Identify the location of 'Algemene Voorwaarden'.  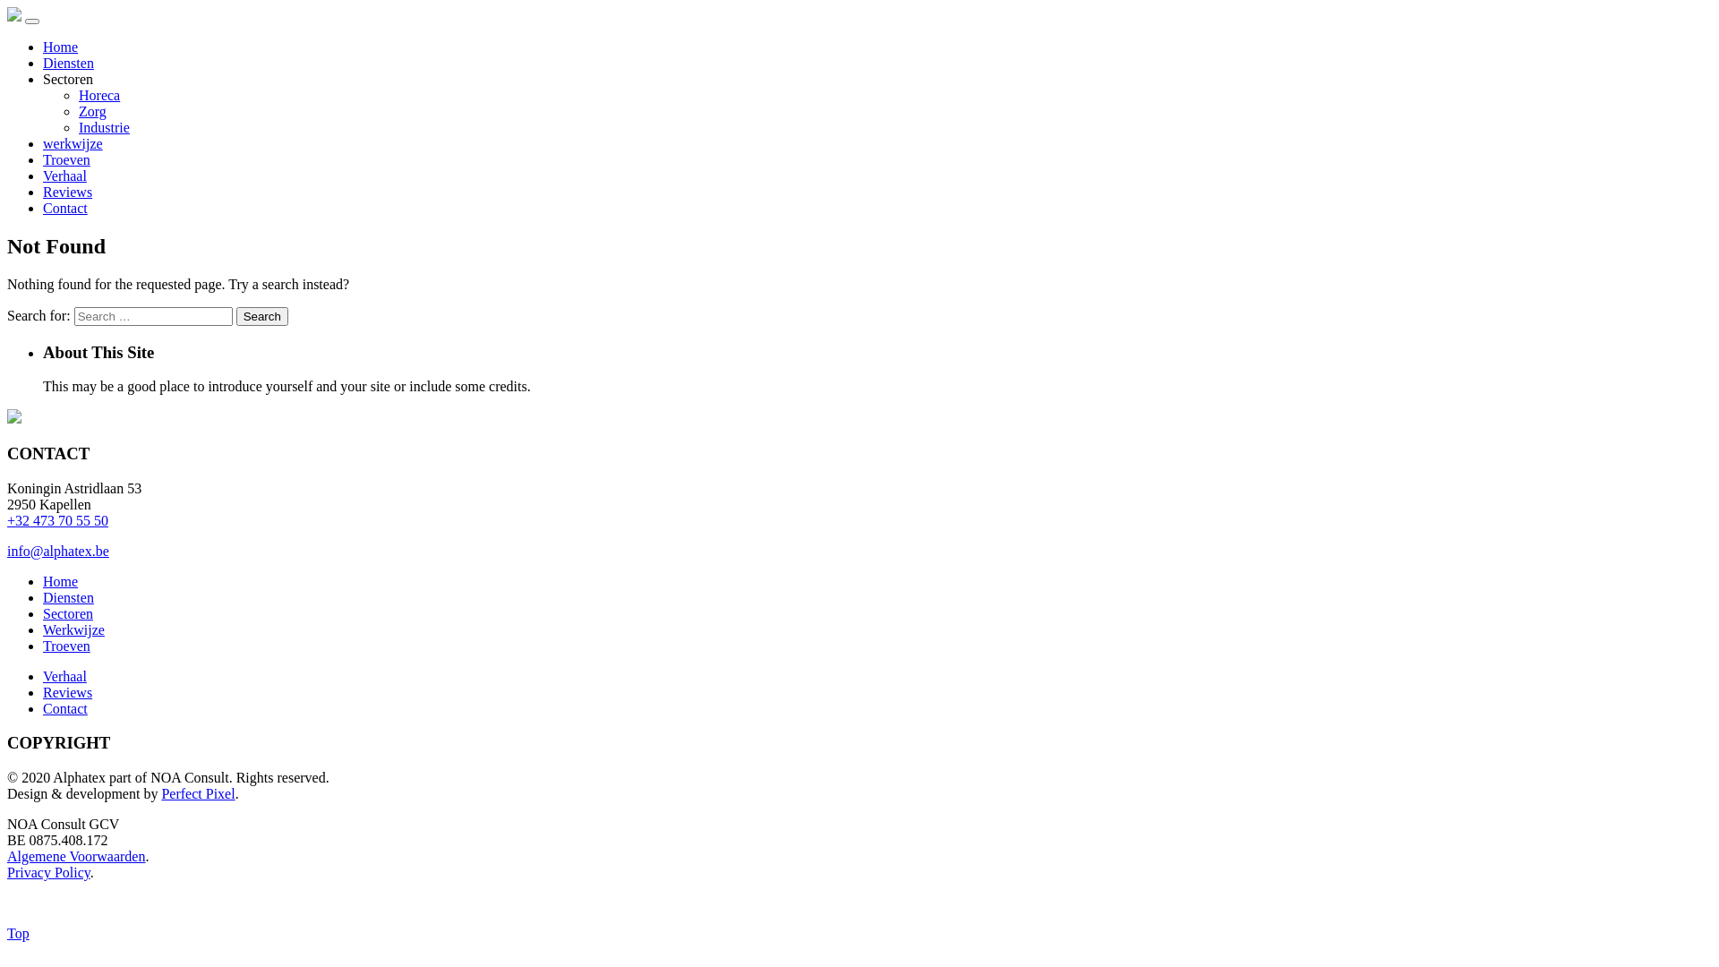
(75, 855).